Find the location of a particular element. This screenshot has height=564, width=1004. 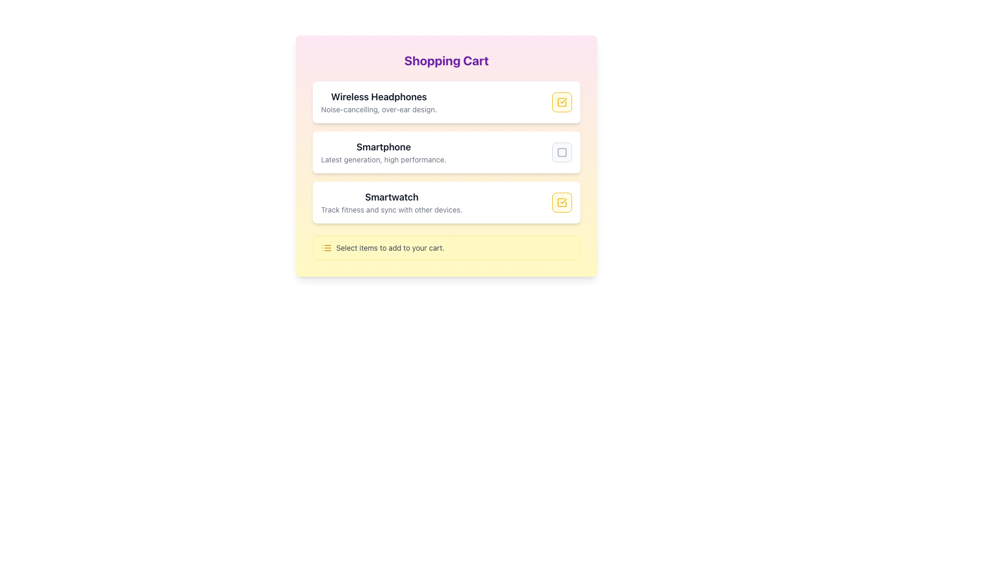

the text element displaying 'Select items to add to your cart.' which is inside a yellow box, positioned to the right of a small yellow list icon is located at coordinates (390, 248).